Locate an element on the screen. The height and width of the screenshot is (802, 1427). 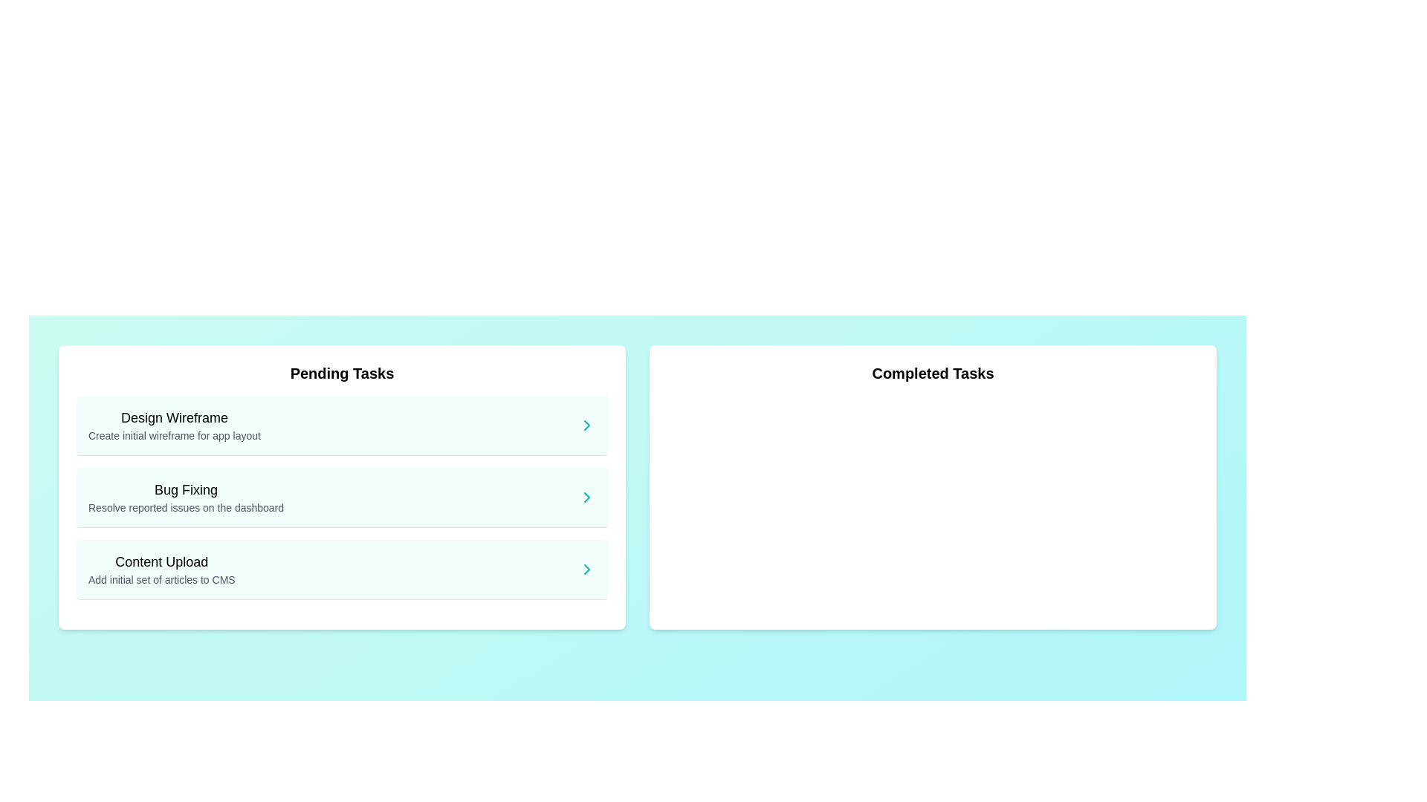
the informational text label that provides a description of the 'Content Upload' task, located beneath the main heading in the 'Content Upload' section is located at coordinates (161, 578).